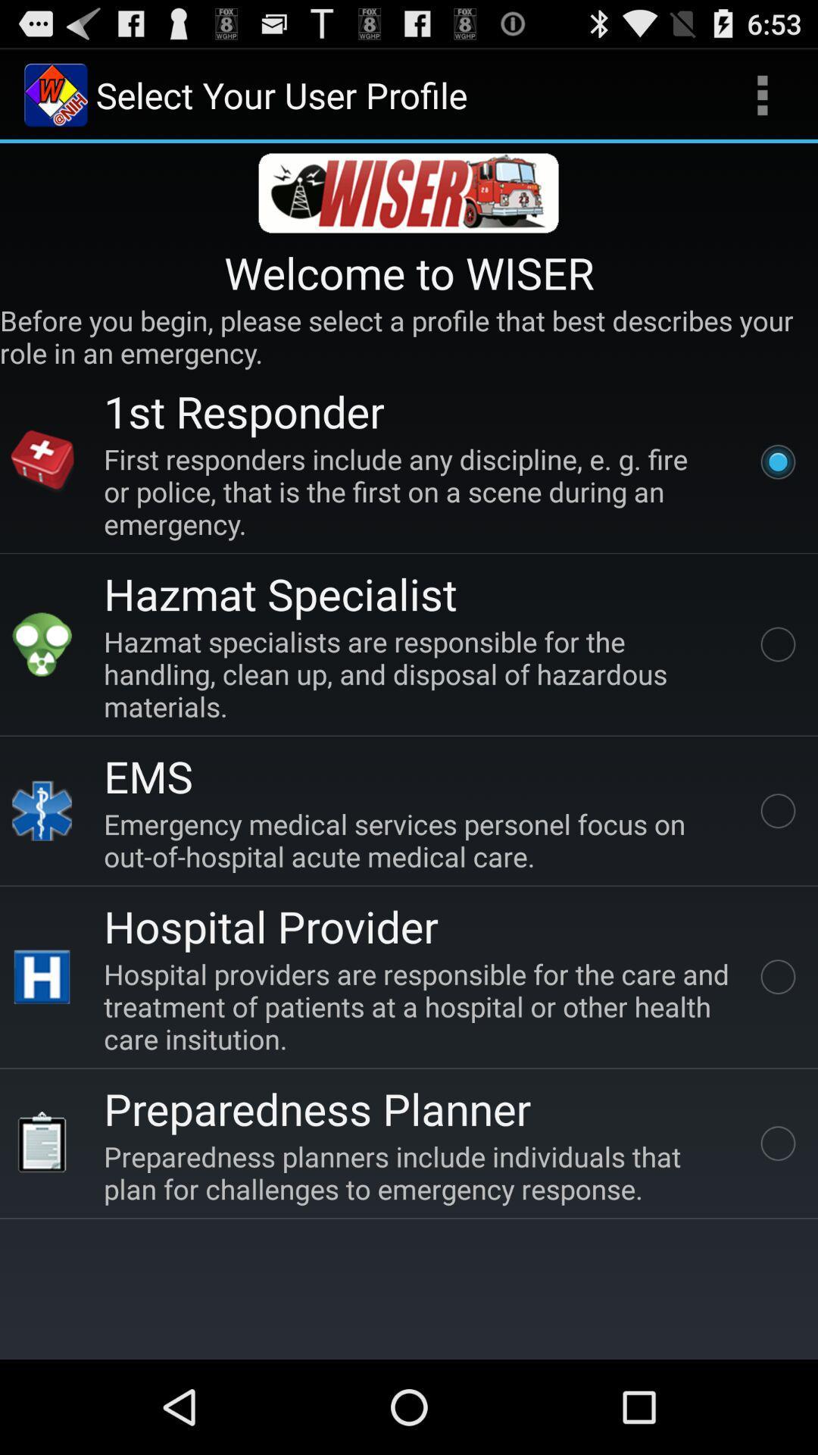 The height and width of the screenshot is (1455, 818). Describe the element at coordinates (420, 491) in the screenshot. I see `first responders include app` at that location.